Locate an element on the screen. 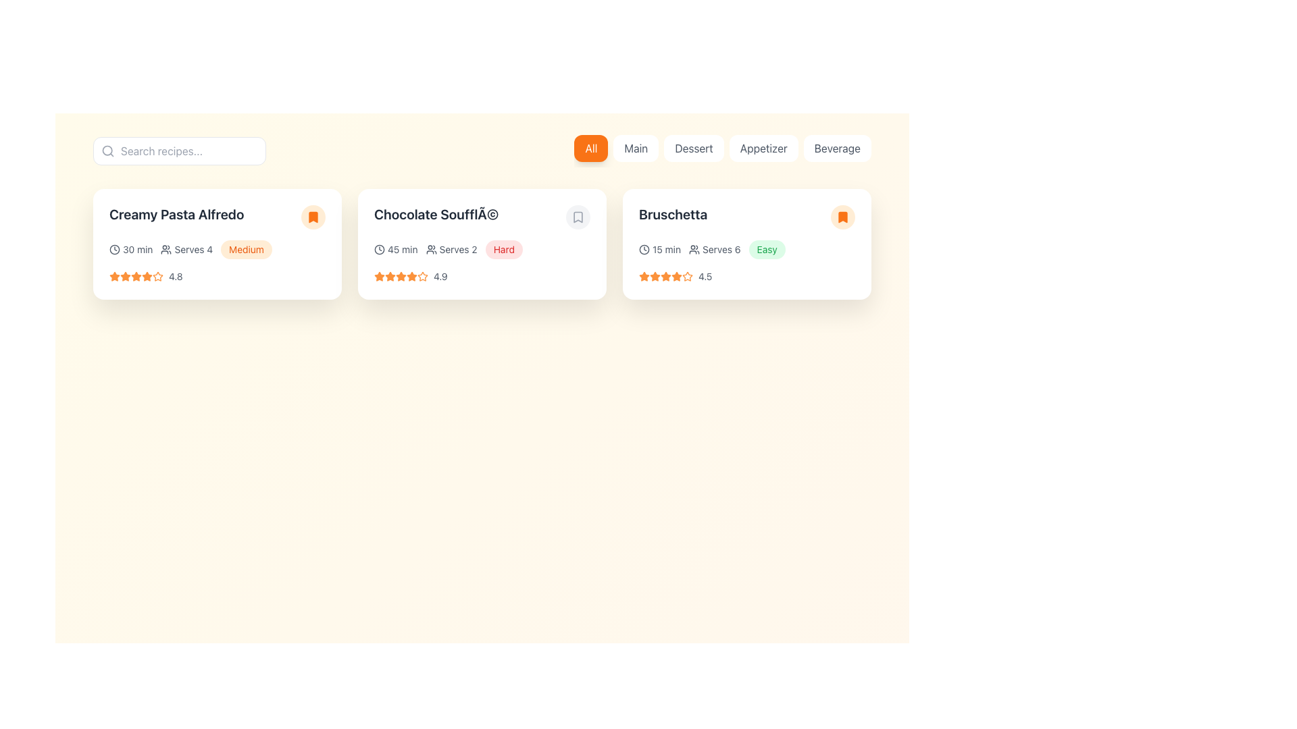  the Informational Content Box that displays preparation time, servings, and difficulty level for the 'Bruschetta' recipe, located in the rightmost card below the recipe title is located at coordinates (746, 250).